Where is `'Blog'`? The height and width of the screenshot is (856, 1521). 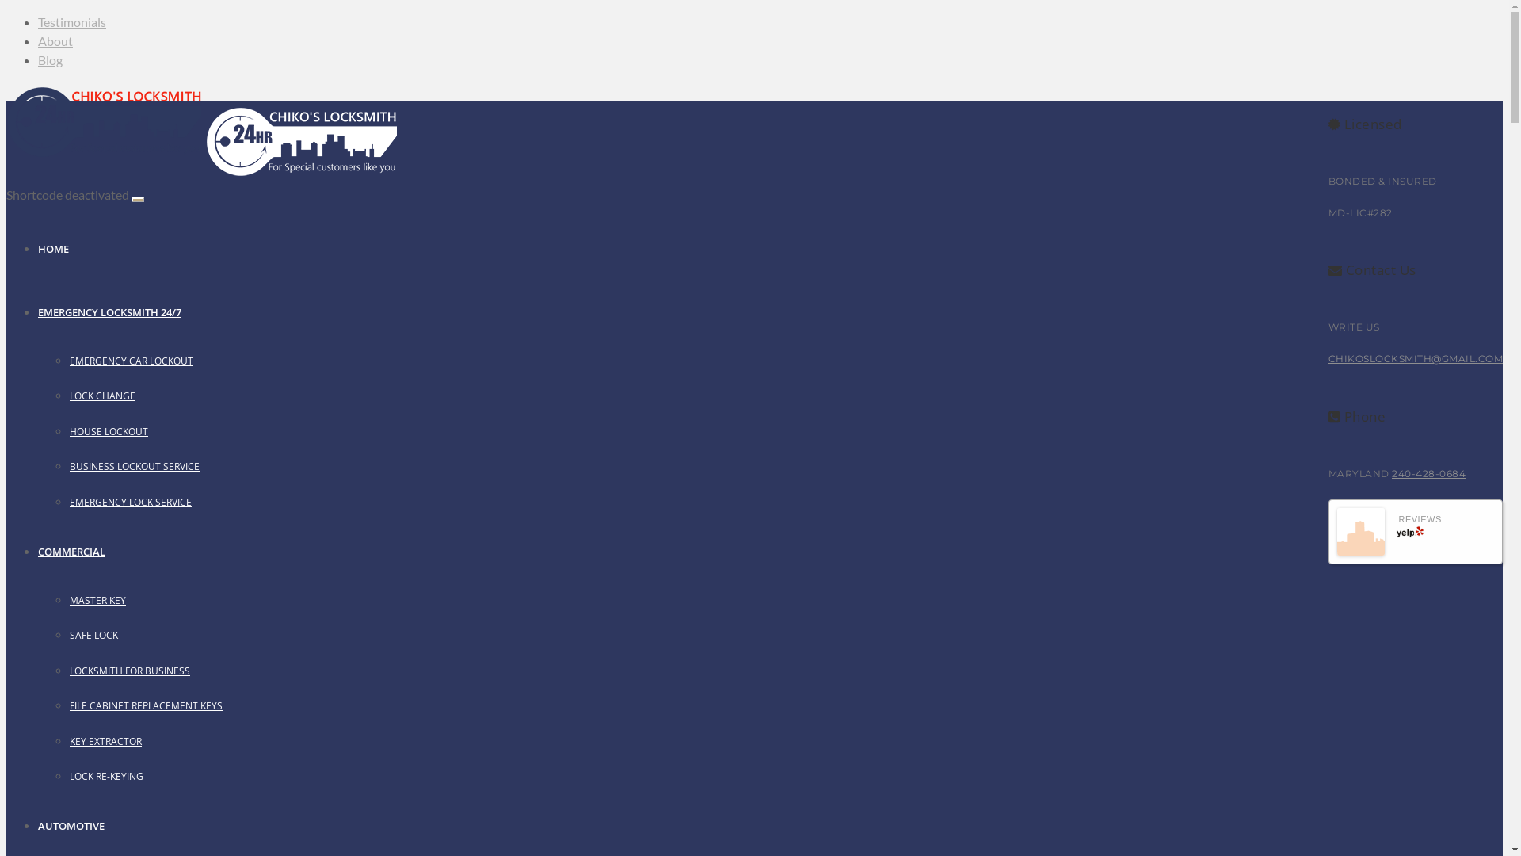 'Blog' is located at coordinates (38, 59).